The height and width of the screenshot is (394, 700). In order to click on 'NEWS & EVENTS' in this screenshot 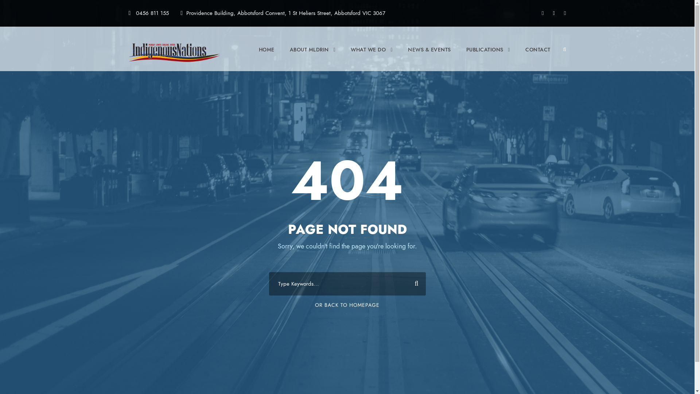, I will do `click(429, 56)`.